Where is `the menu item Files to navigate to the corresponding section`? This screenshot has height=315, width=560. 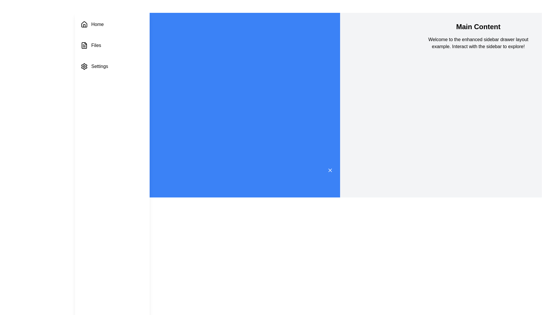
the menu item Files to navigate to the corresponding section is located at coordinates (112, 45).